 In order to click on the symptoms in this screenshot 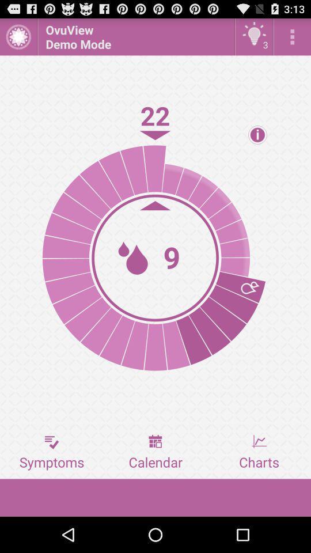, I will do `click(51, 452)`.